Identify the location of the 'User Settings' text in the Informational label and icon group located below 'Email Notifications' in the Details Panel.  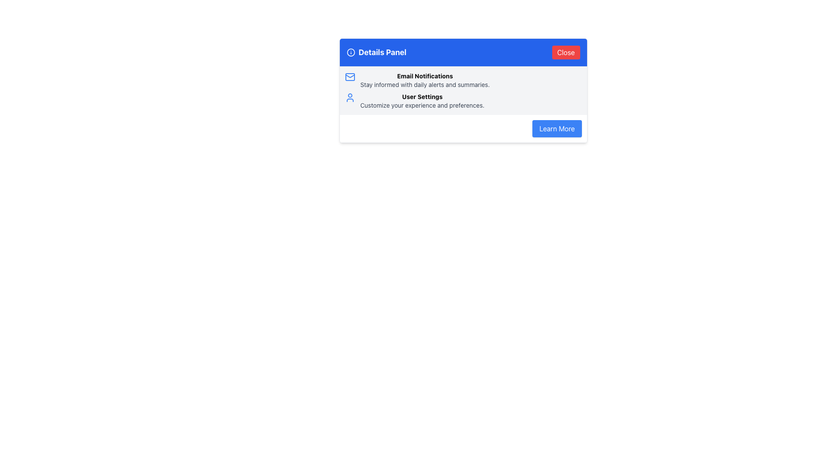
(463, 101).